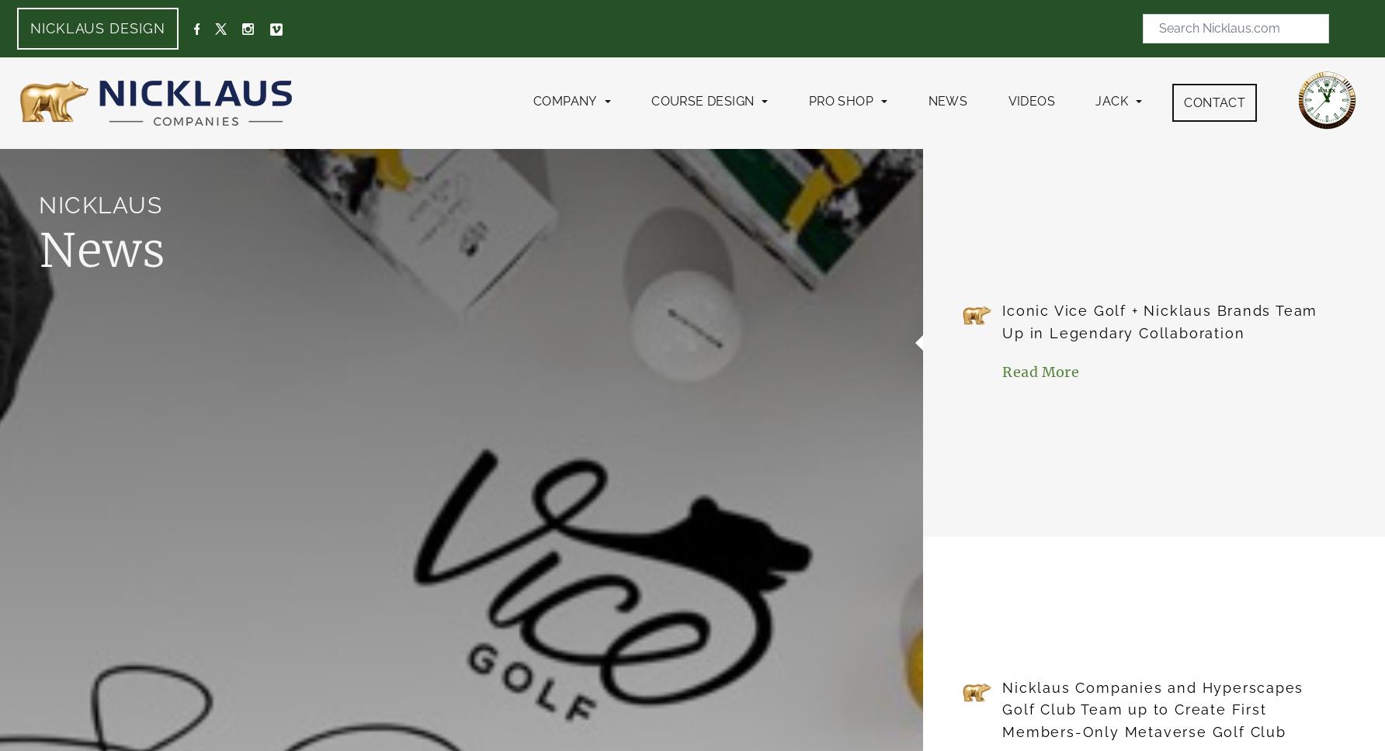 This screenshot has width=1385, height=751. I want to click on 'Nicklaus Companies and Hyperscapes Golf Club Team up to Create First Members-Only Metaverse Golf Club', so click(1152, 709).